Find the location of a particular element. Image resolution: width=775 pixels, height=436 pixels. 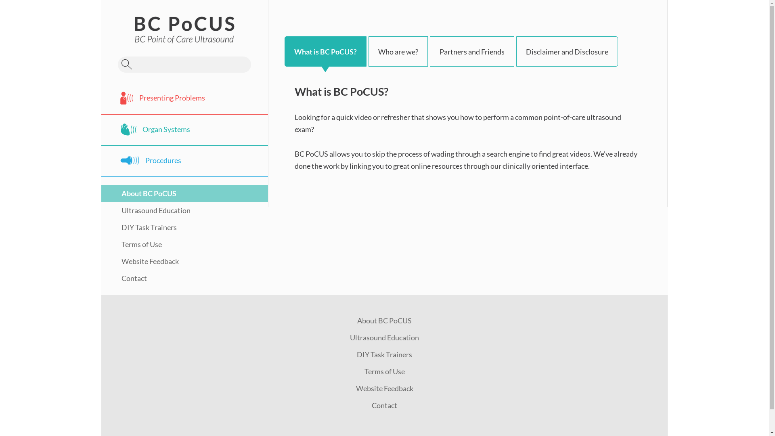

'Terms of Use' is located at coordinates (383, 371).